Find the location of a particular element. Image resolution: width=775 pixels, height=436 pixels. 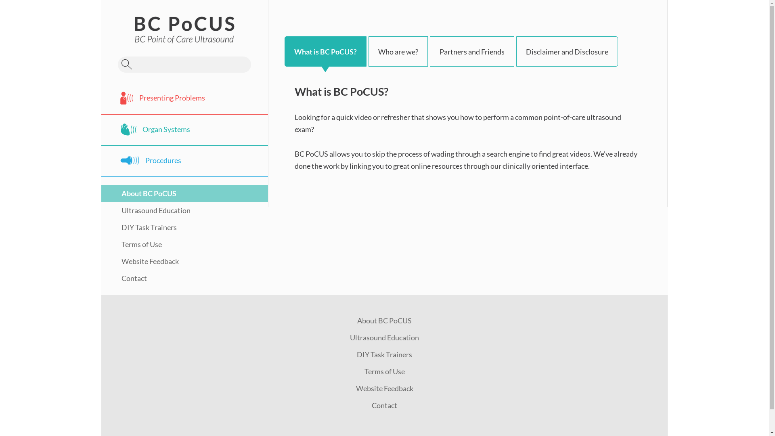

'Terms of Use' is located at coordinates (383, 371).